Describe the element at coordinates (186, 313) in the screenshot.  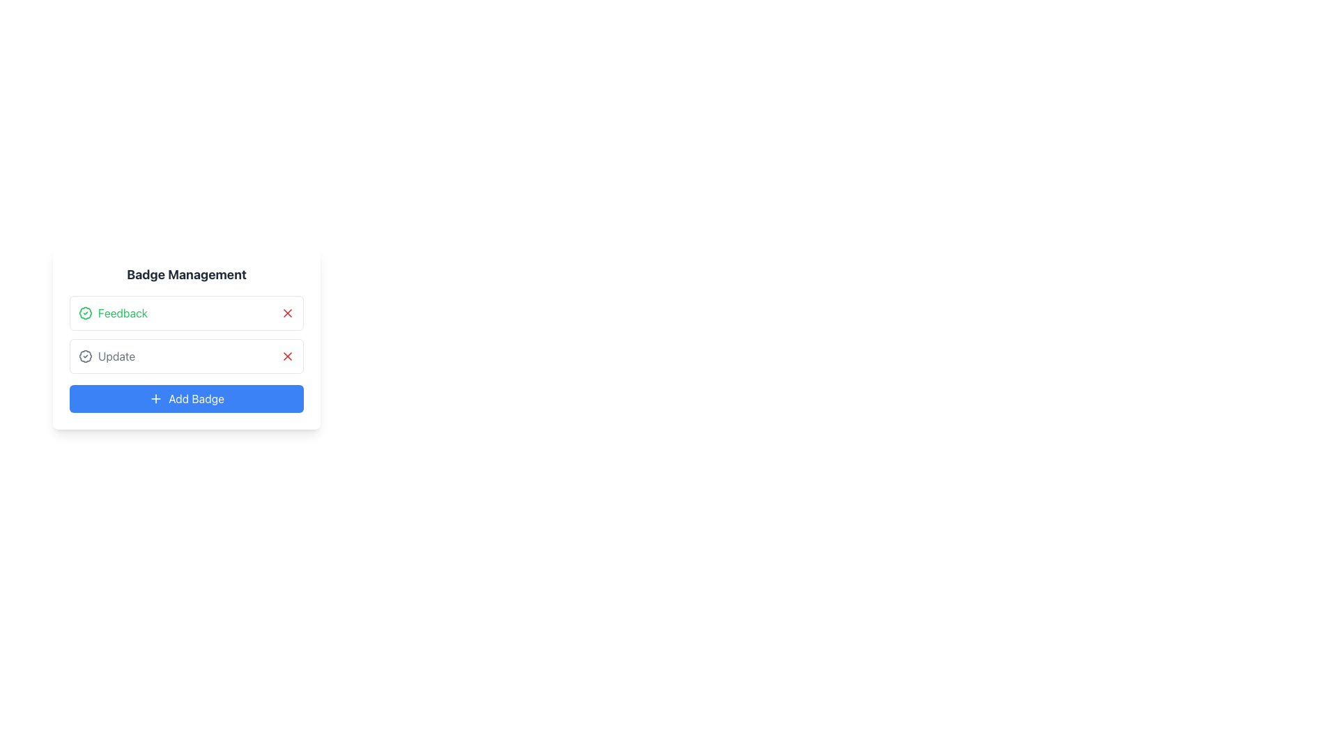
I see `the interactive badge labeled 'Feedback'` at that location.